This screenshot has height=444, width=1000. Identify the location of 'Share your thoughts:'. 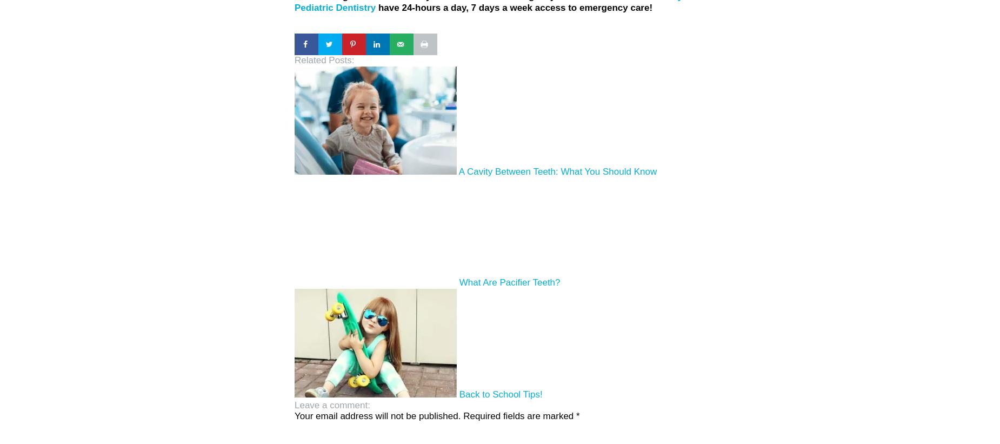
(337, 407).